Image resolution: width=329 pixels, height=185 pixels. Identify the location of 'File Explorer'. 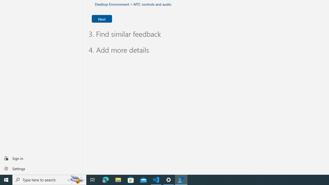
(118, 179).